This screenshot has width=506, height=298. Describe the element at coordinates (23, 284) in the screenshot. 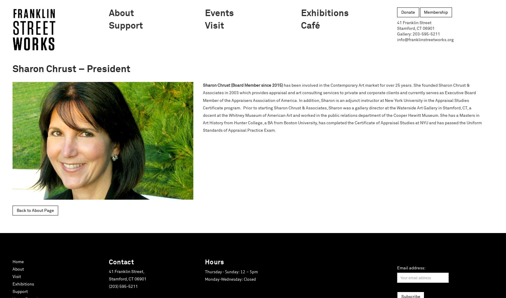

I see `'Exhibitions'` at that location.